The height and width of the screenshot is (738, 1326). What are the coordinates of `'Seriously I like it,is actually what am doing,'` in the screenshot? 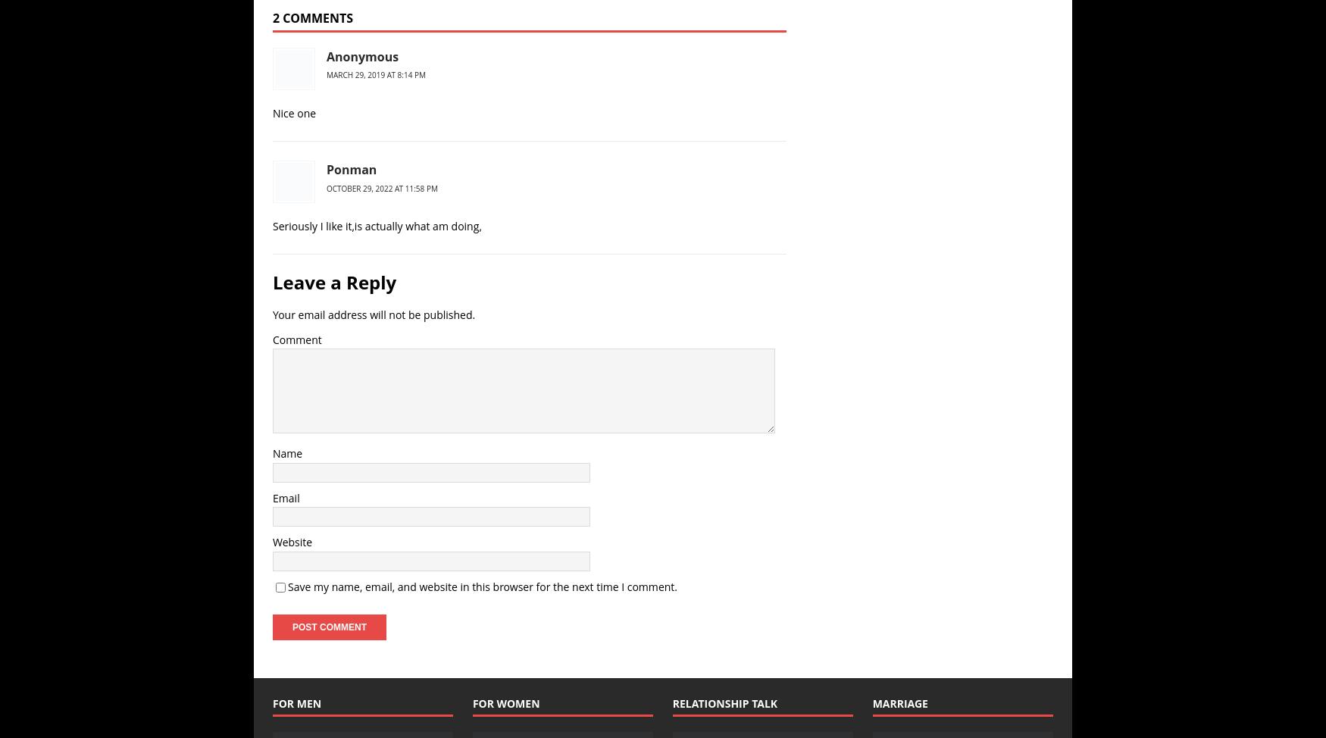 It's located at (377, 225).